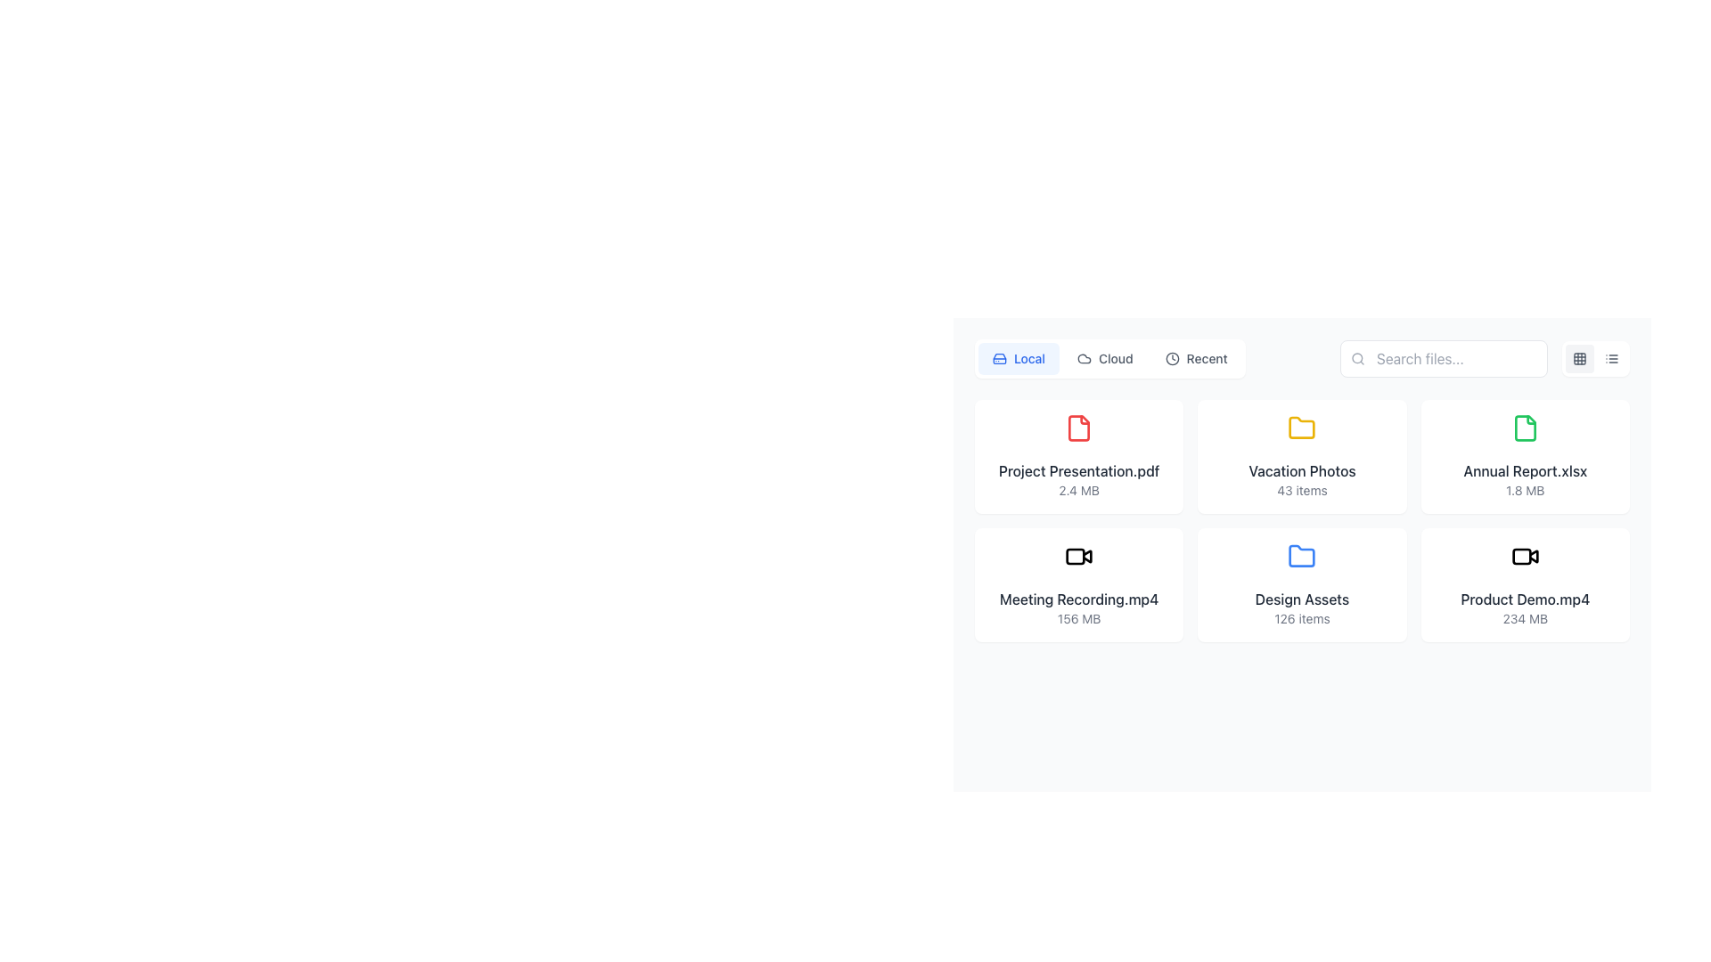 This screenshot has height=962, width=1711. What do you see at coordinates (1302, 584) in the screenshot?
I see `the 'Design Assets' card, which is a rectangular button with a blue folder icon, bold title 'Design Assets', and smaller text '126 items', located in the second column of the second row in a six-card grid layout` at bounding box center [1302, 584].